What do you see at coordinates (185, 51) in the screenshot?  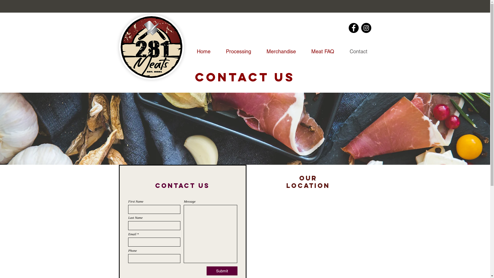 I see `'Home'` at bounding box center [185, 51].